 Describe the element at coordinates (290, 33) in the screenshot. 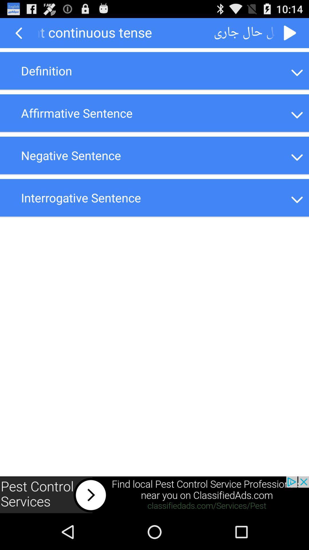

I see `go forward` at that location.